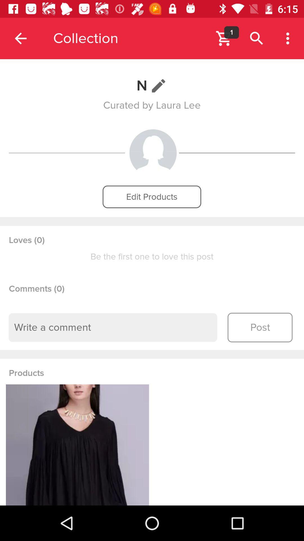 Image resolution: width=304 pixels, height=541 pixels. What do you see at coordinates (113, 327) in the screenshot?
I see `text` at bounding box center [113, 327].